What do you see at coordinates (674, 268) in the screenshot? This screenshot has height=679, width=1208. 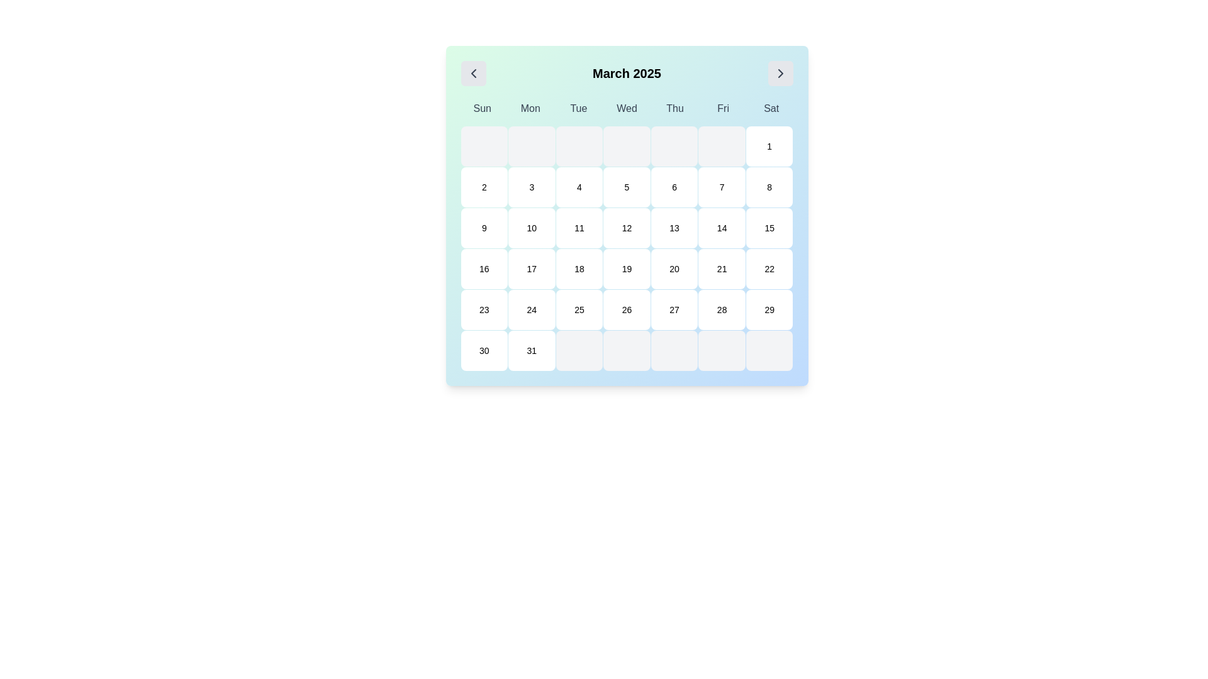 I see `the calendar day cell representing the 20th of March 2025` at bounding box center [674, 268].